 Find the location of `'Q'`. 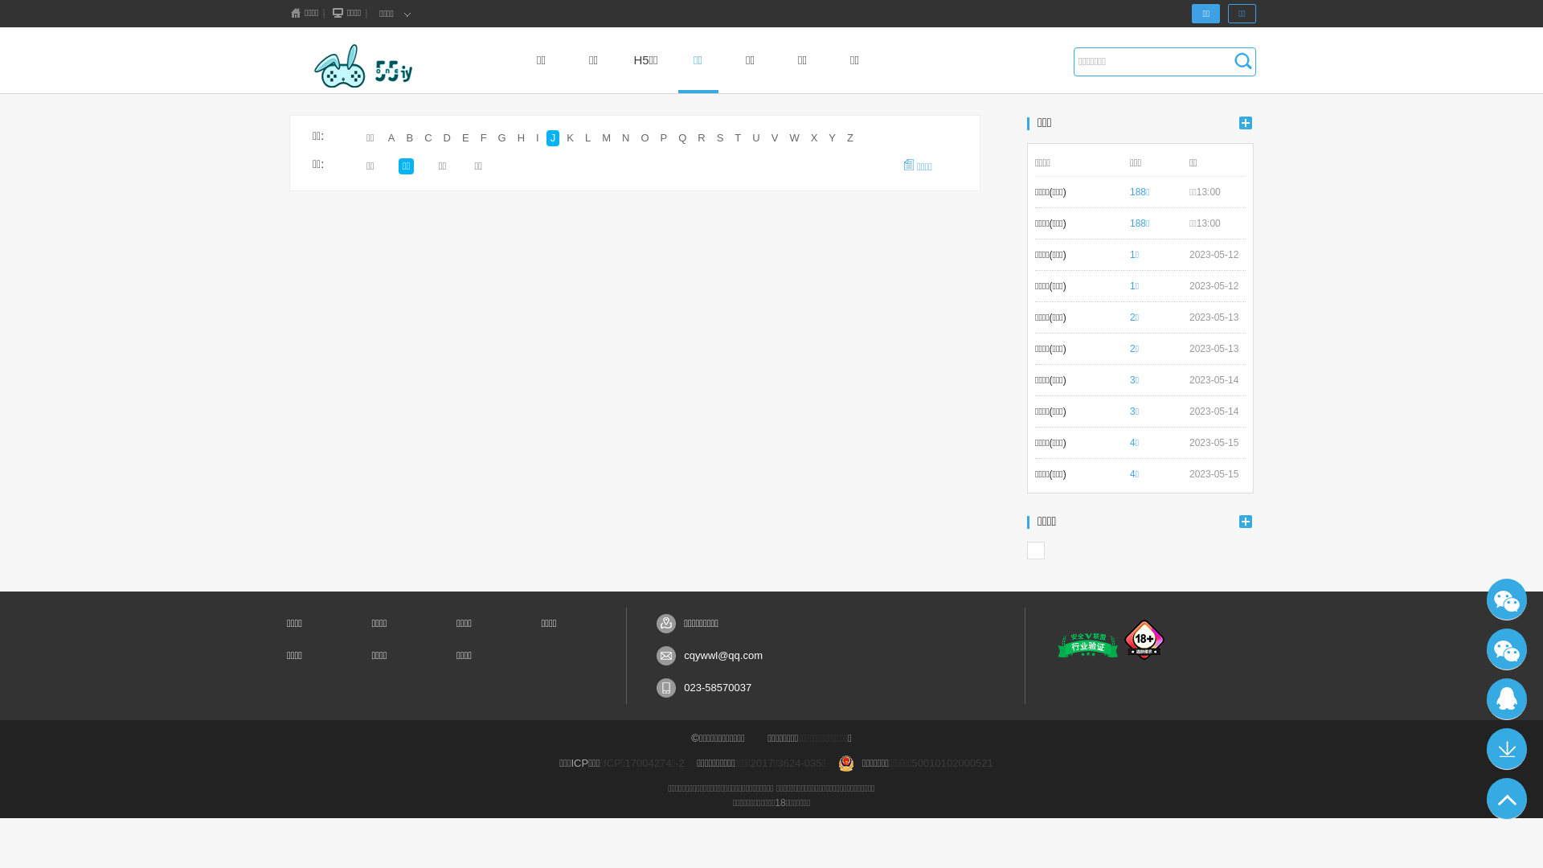

'Q' is located at coordinates (682, 137).